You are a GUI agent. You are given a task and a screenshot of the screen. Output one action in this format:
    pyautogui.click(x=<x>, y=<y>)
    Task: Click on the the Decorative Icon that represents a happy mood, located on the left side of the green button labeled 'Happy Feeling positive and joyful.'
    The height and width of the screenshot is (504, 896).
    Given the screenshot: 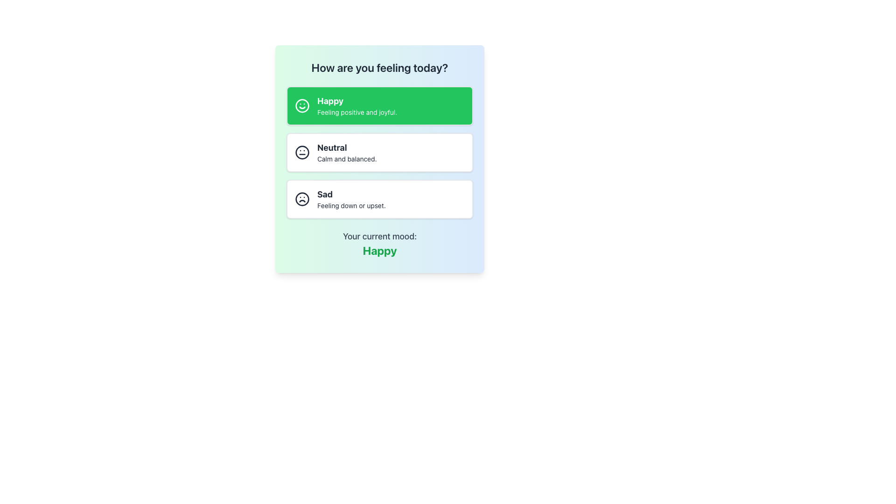 What is the action you would take?
    pyautogui.click(x=302, y=105)
    